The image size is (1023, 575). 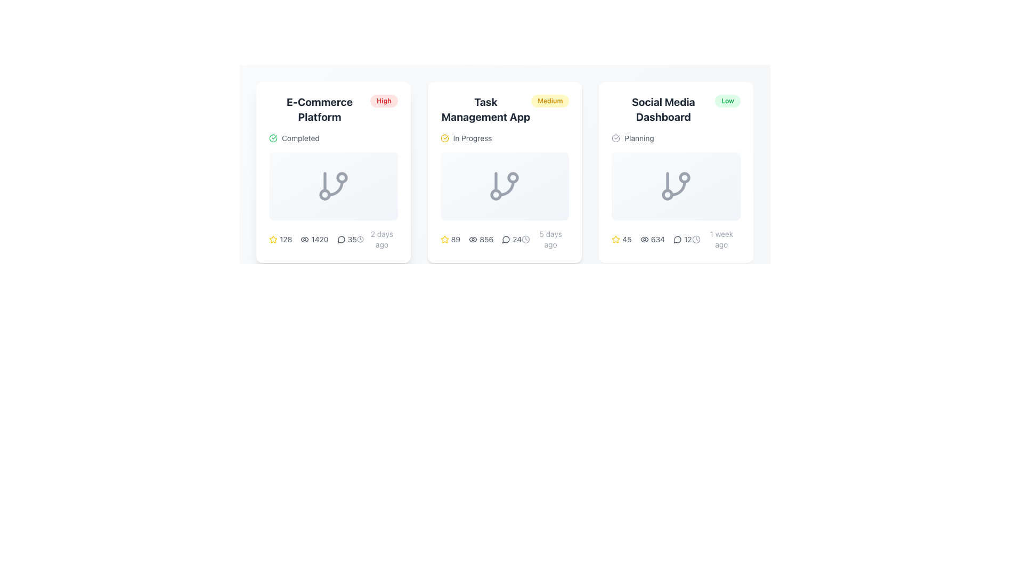 I want to click on the bottom-left SVG Circle component in the line-and-circle diagram, so click(x=667, y=195).